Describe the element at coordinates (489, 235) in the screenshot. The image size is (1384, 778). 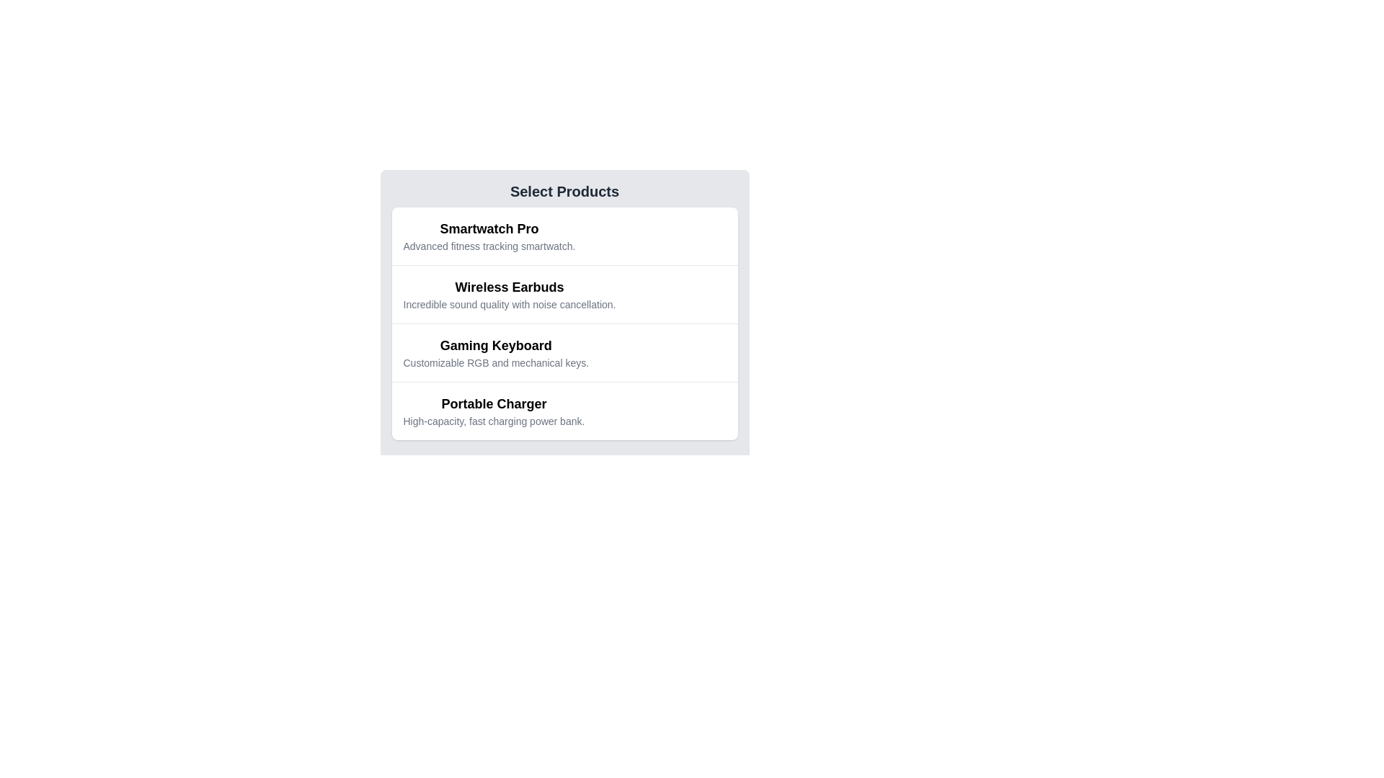
I see `text block containing information about the 'Smartwatch Pro', located in the top left corner of the product selection list, just below the heading 'Select Products'` at that location.